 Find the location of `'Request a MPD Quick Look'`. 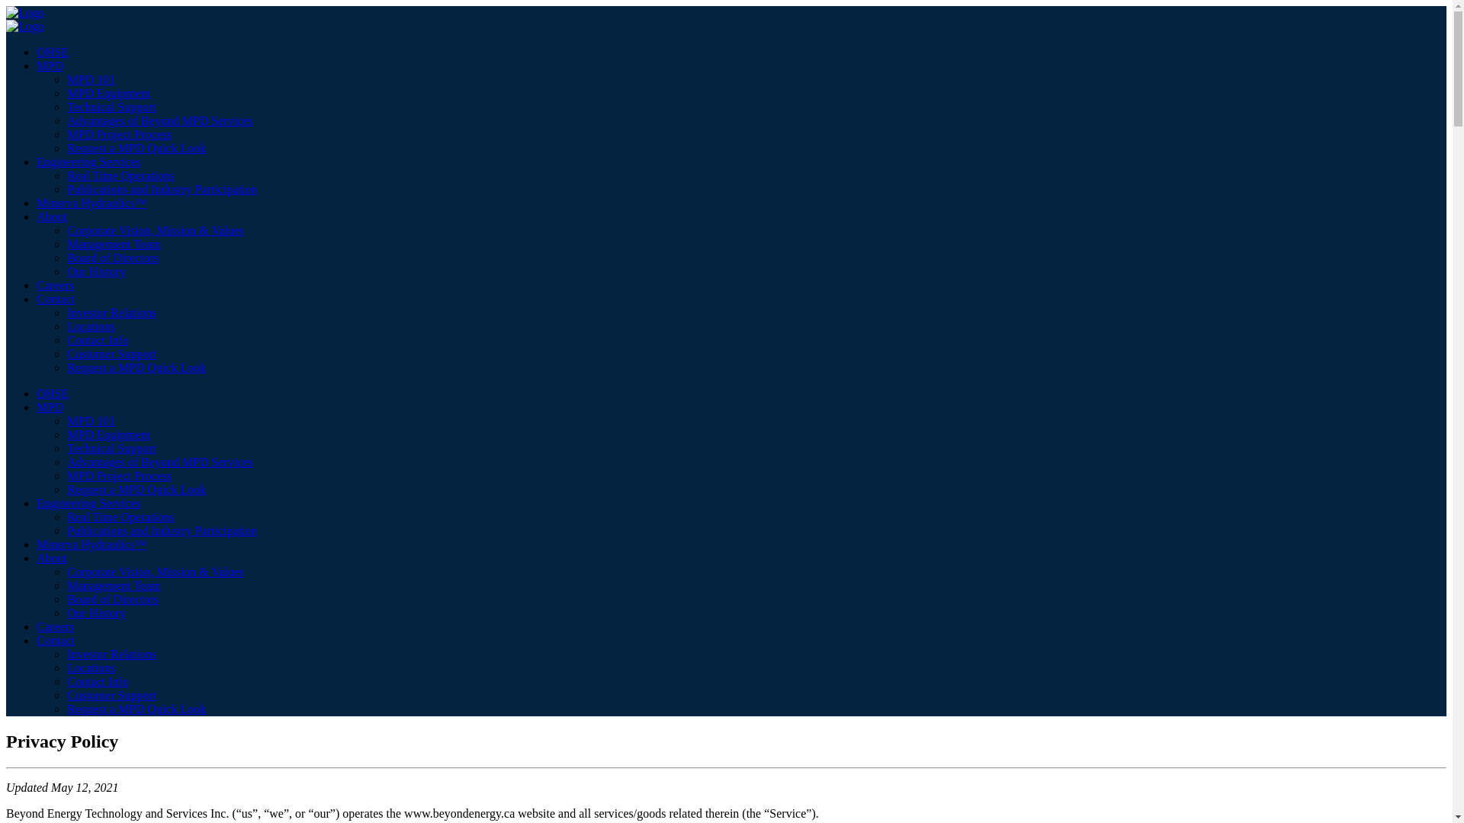

'Request a MPD Quick Look' is located at coordinates (136, 367).